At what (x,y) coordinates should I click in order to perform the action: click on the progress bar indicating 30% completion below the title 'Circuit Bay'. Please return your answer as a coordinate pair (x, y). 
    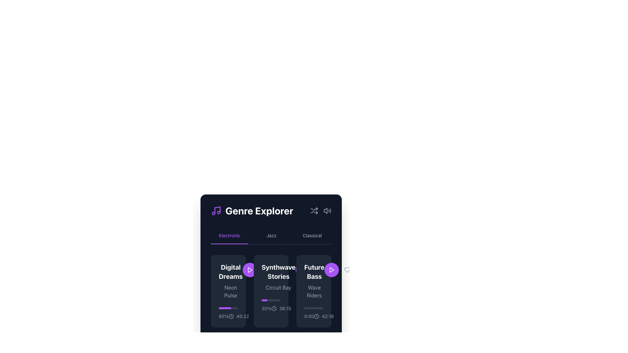
    Looking at the image, I should click on (271, 305).